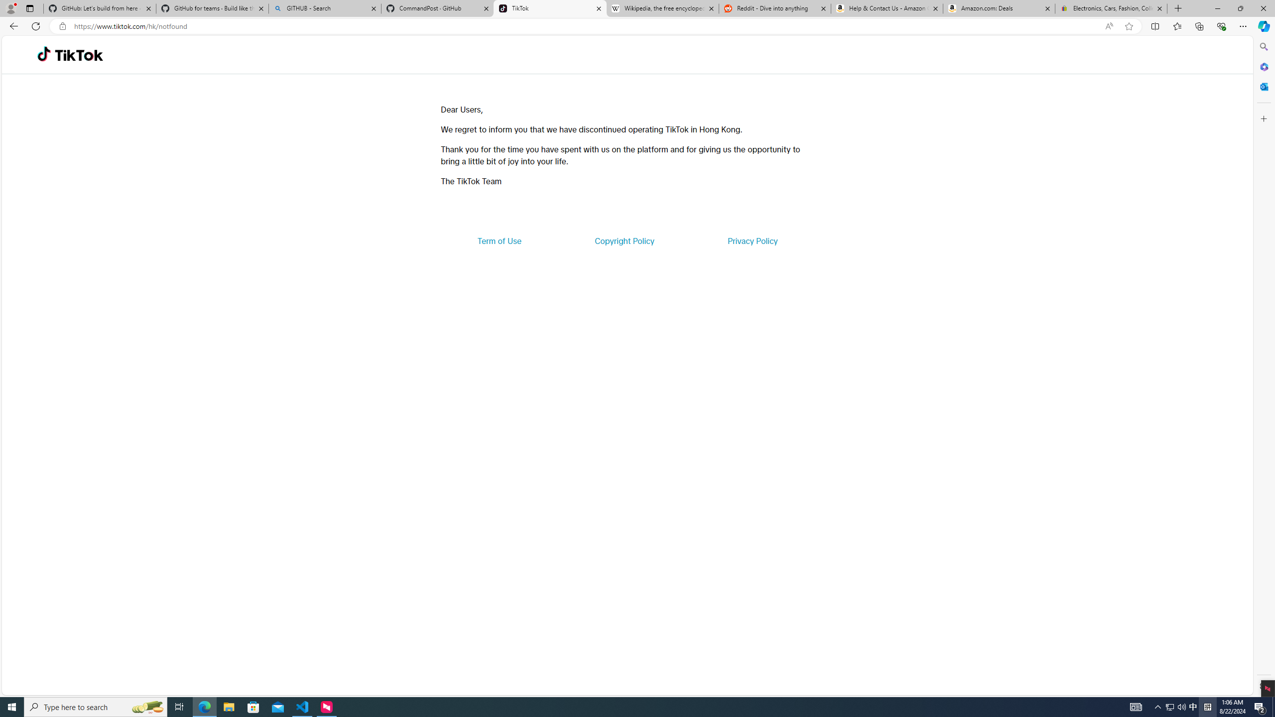 This screenshot has width=1275, height=717. I want to click on 'Reddit - Dive into anything', so click(775, 8).